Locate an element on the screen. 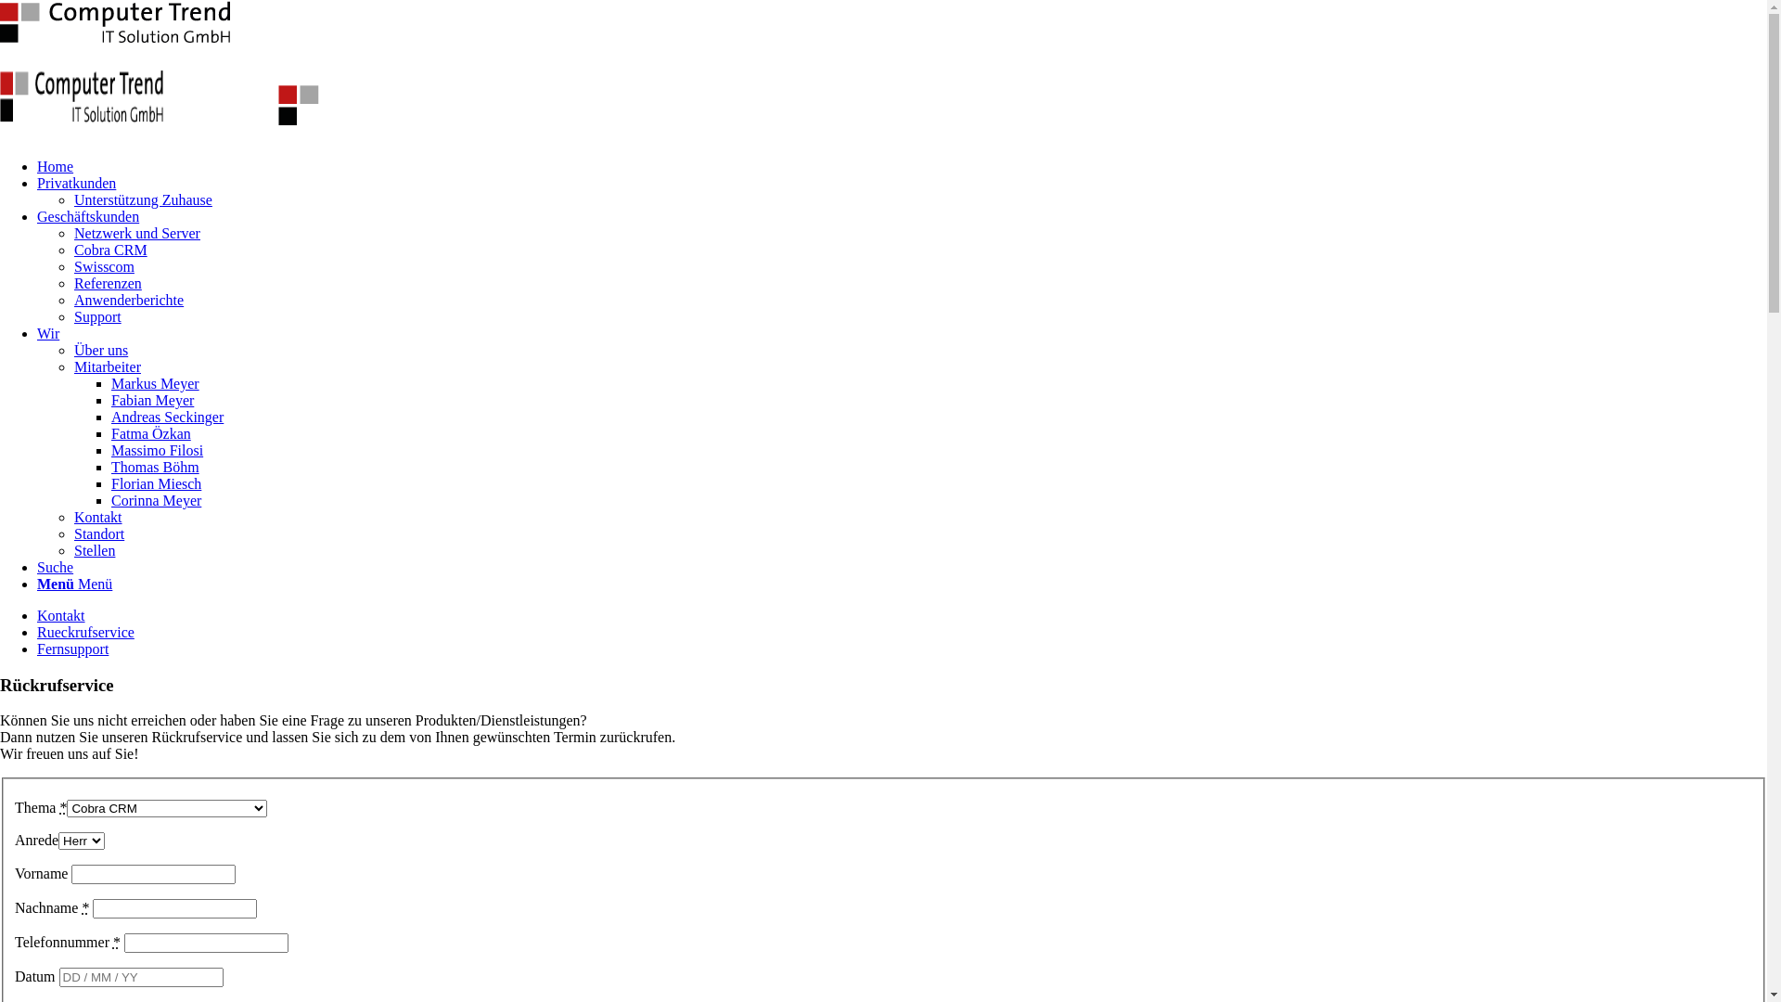  'Mitarbeiter' is located at coordinates (106, 366).